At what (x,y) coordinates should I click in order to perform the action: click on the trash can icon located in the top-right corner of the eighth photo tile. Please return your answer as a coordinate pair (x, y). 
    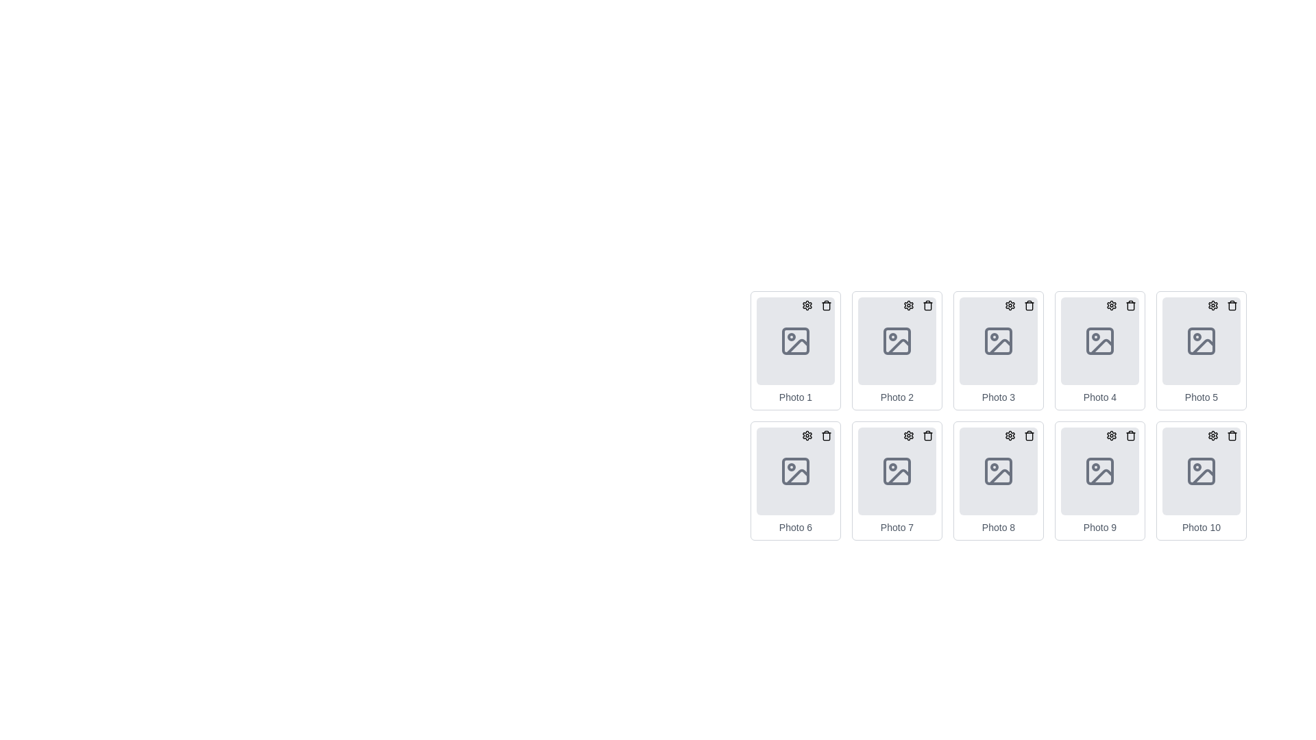
    Looking at the image, I should click on (1029, 436).